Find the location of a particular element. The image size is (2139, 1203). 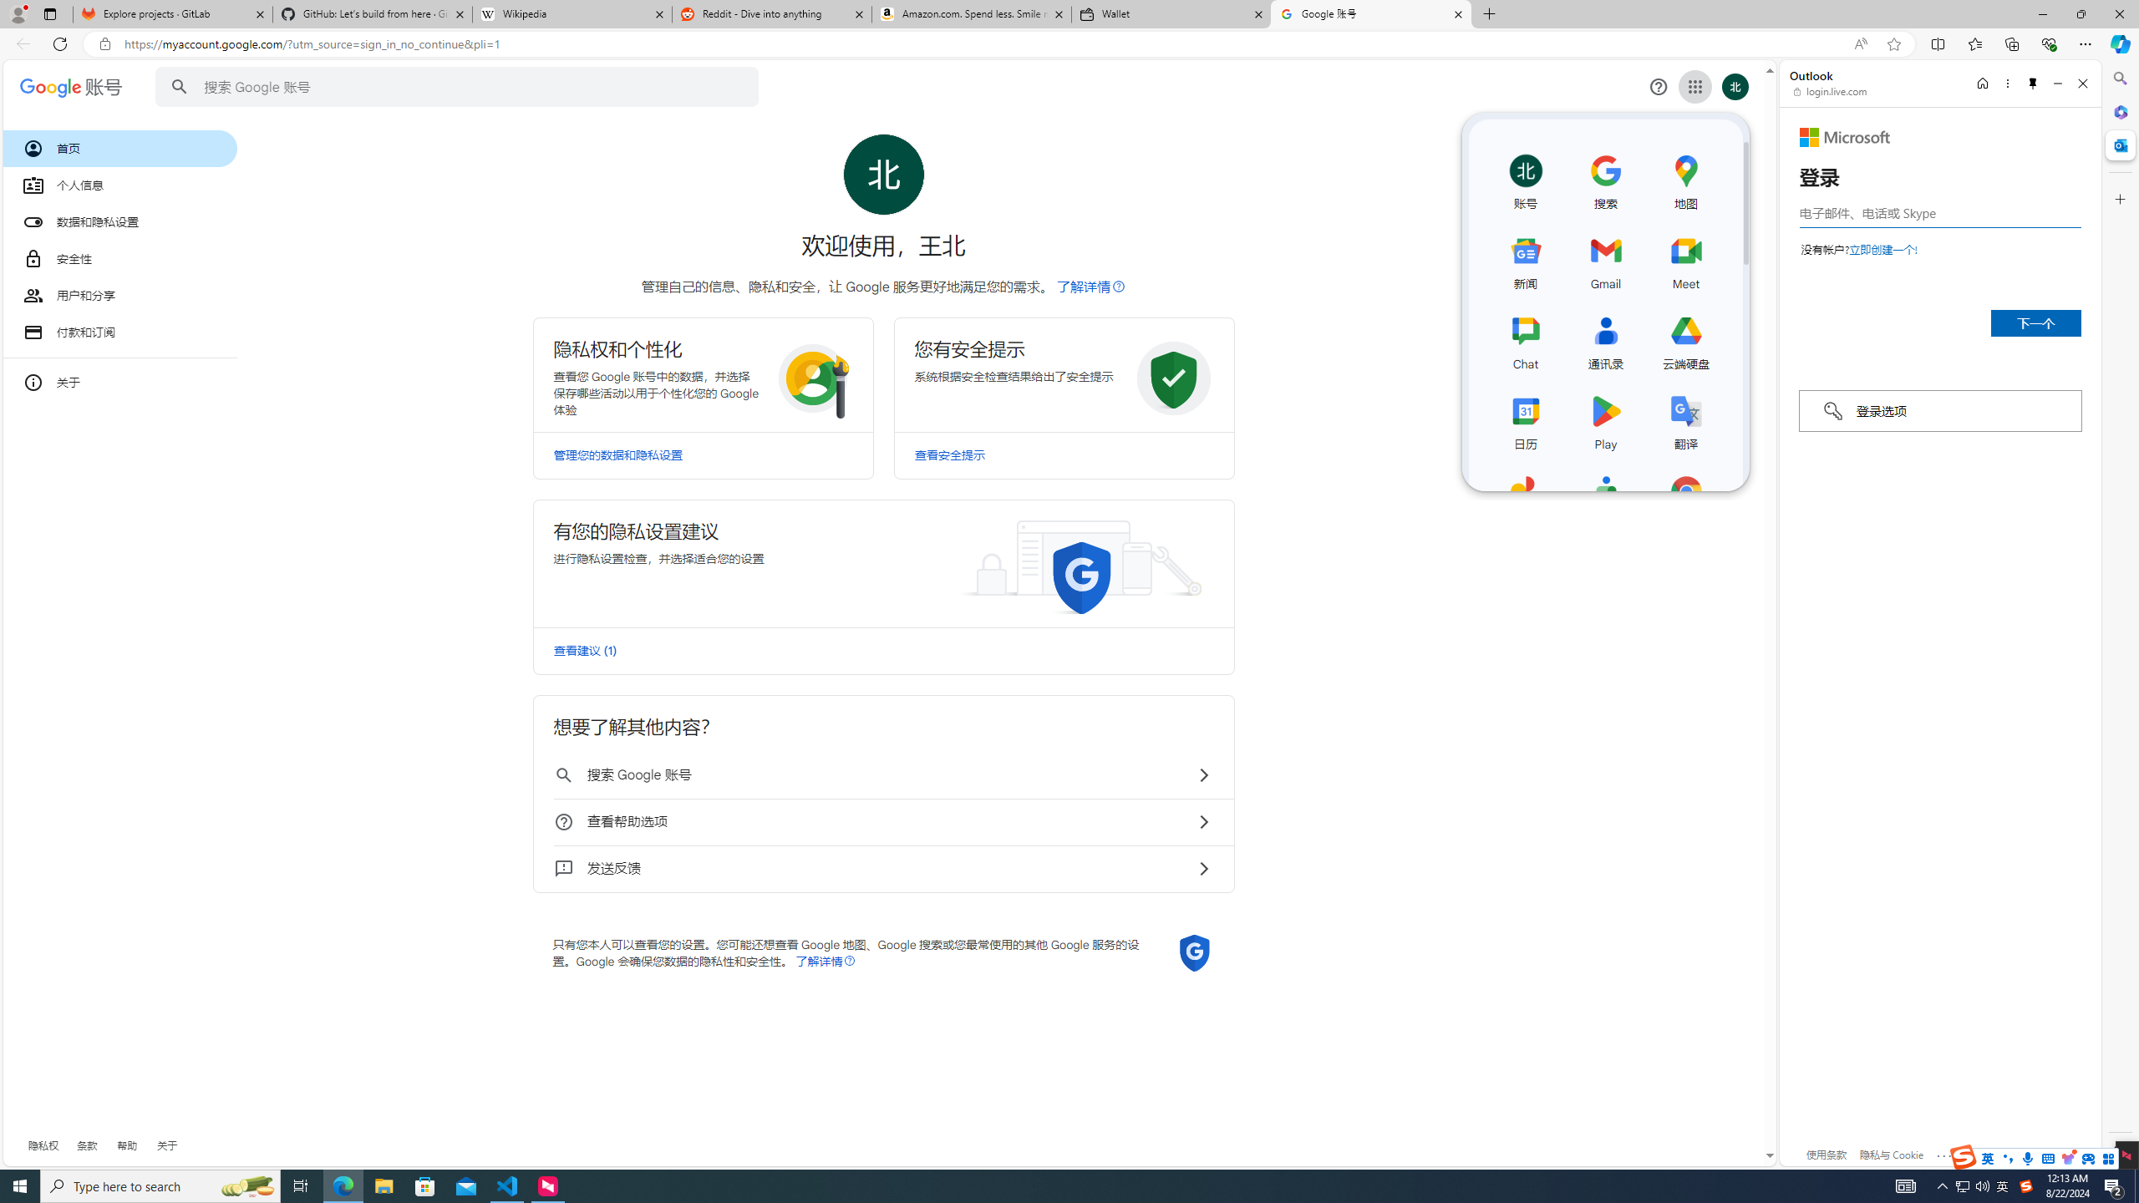

'Class: gb_E' is located at coordinates (1694, 86).